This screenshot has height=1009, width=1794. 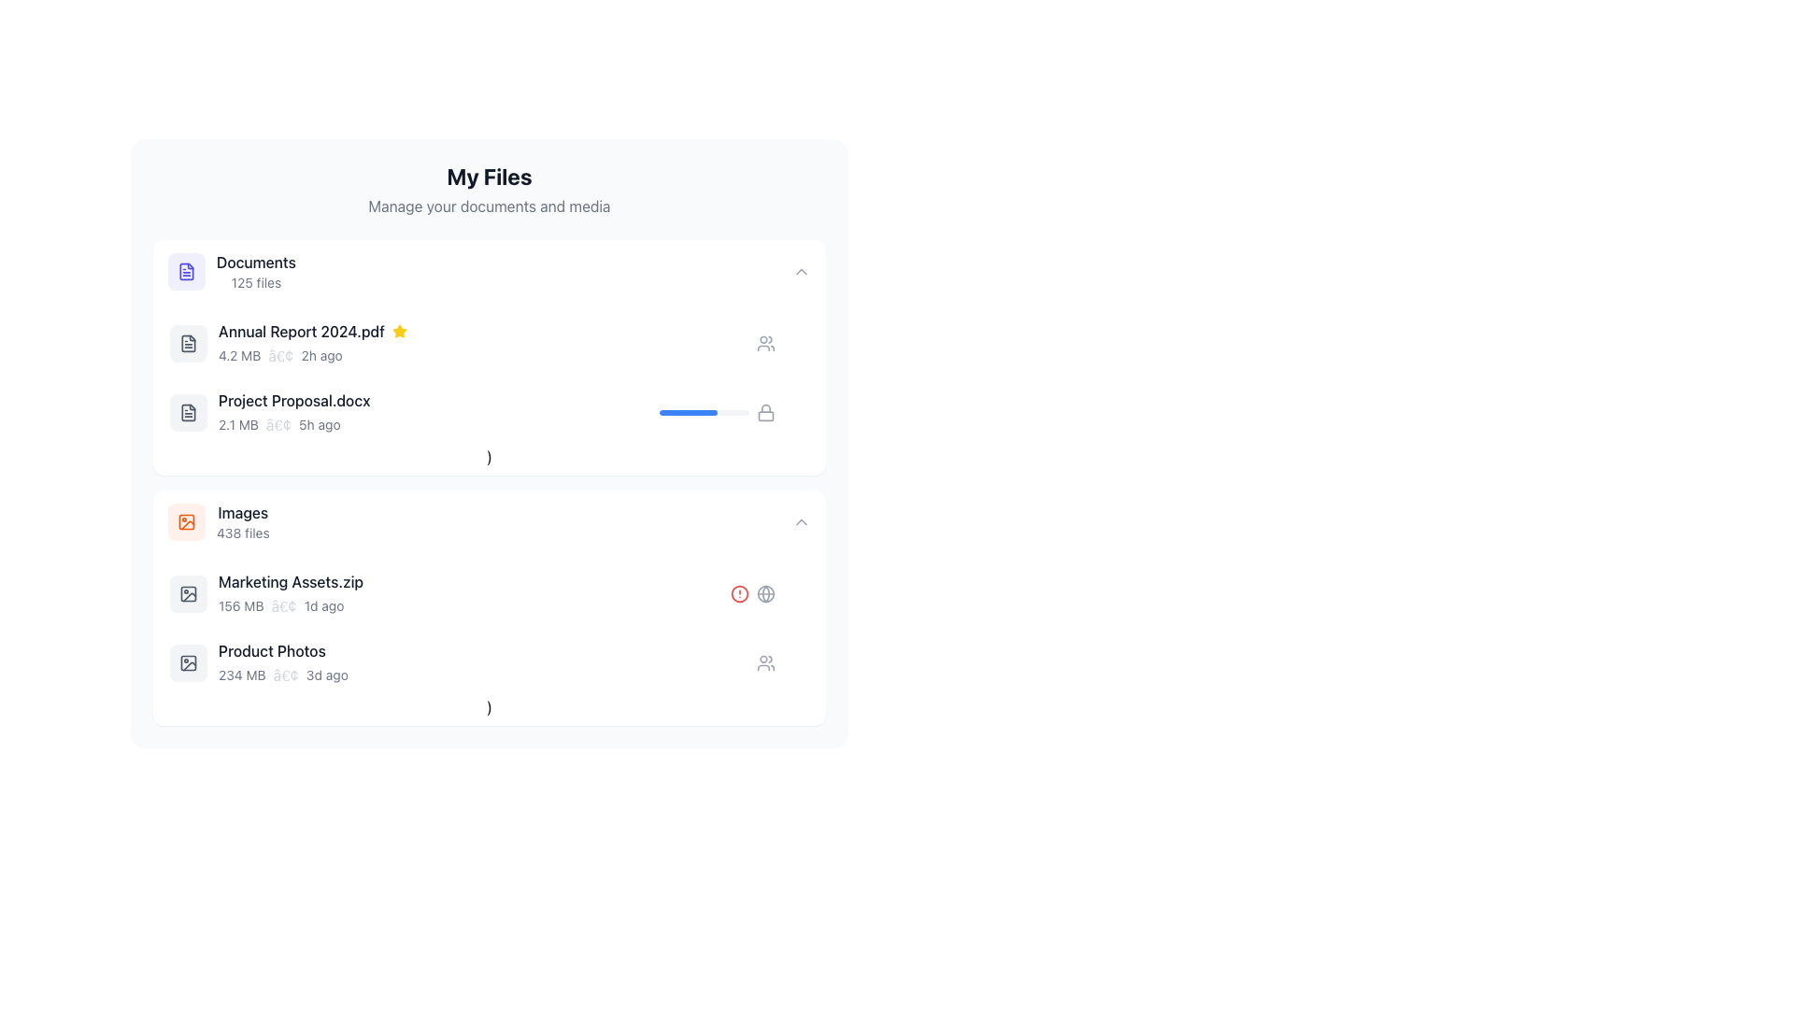 I want to click on the text label displaying 'Marketing Assets.zip', located in the list structure under the 'Images' category, so click(x=475, y=581).